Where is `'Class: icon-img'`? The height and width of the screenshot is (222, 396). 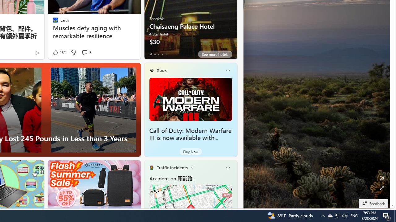
'Class: icon-img' is located at coordinates (227, 167).